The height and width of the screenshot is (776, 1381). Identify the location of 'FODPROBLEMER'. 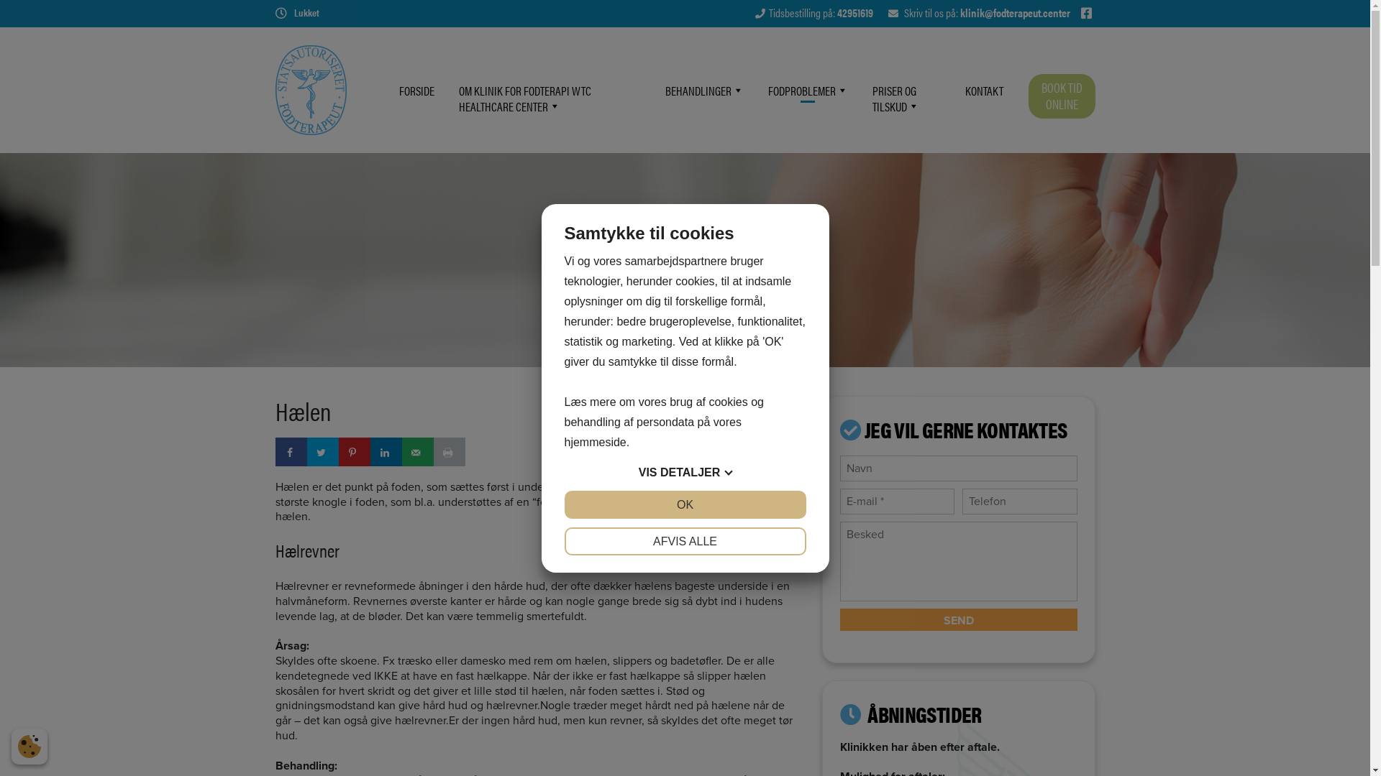
(755, 91).